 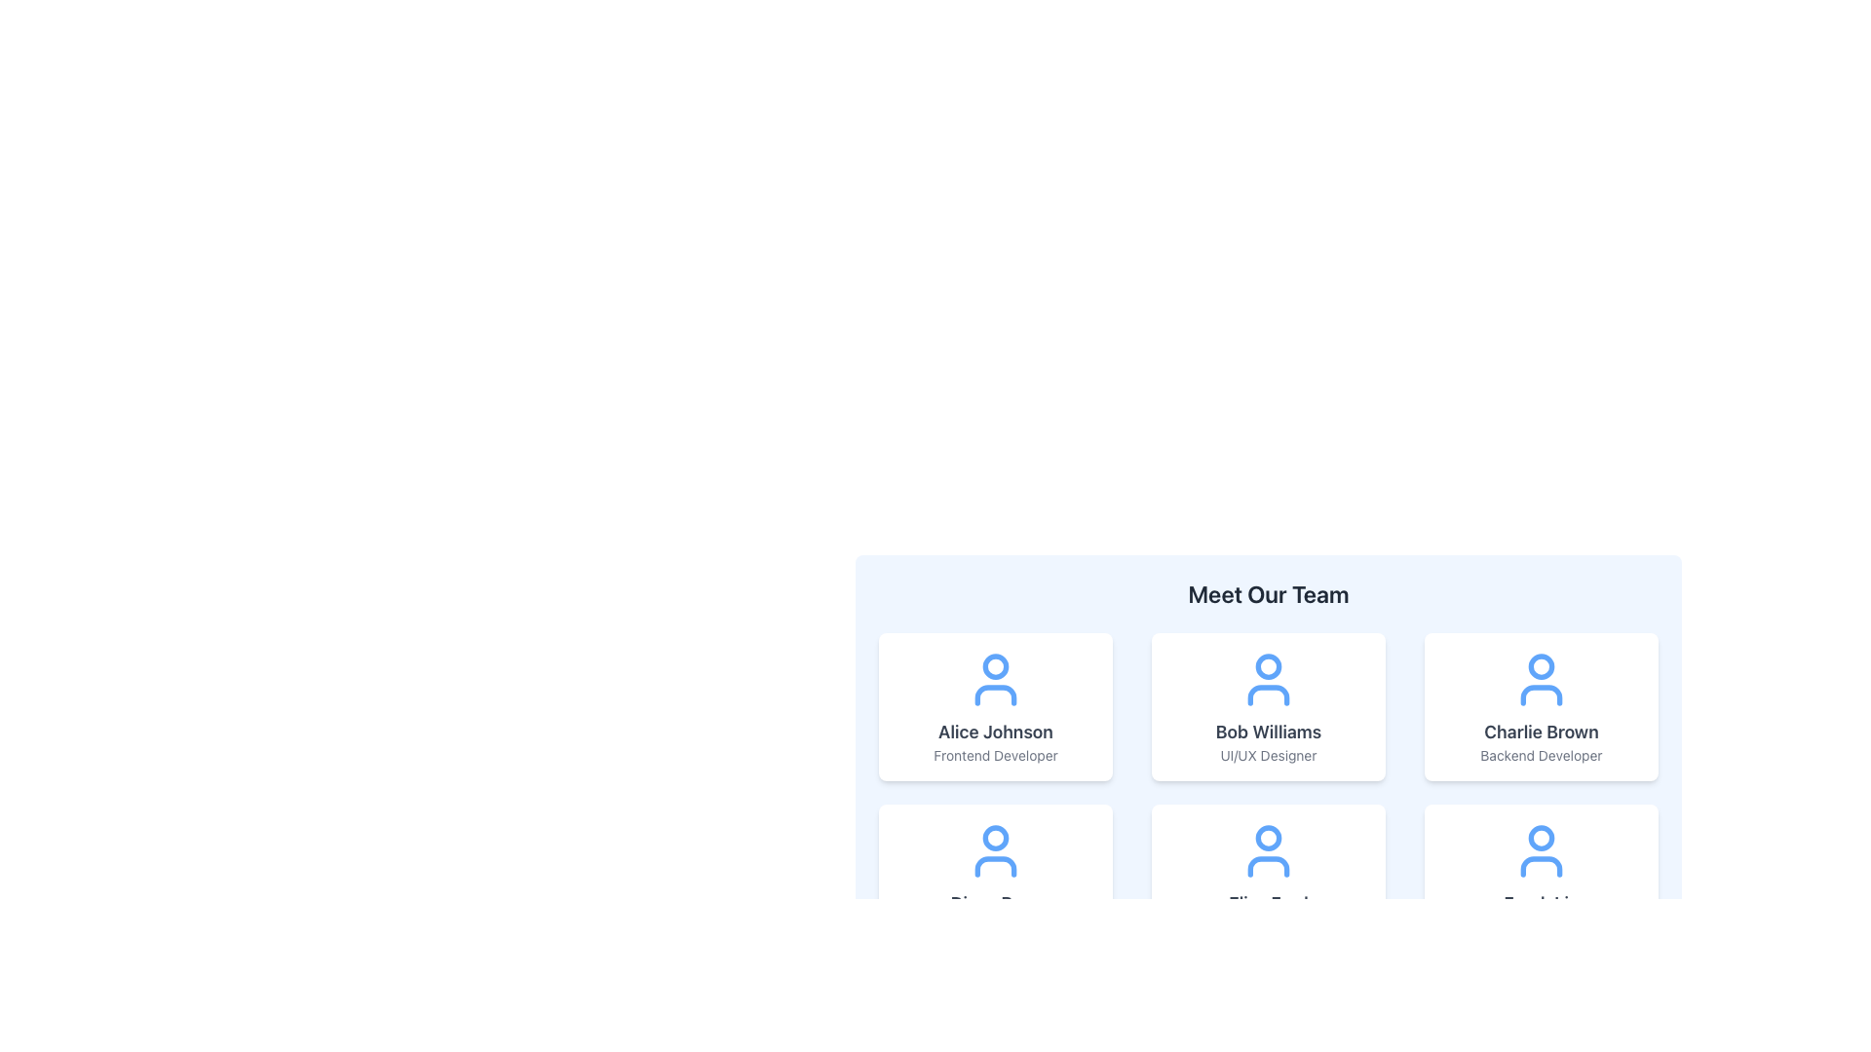 What do you see at coordinates (1268, 866) in the screenshot?
I see `the lower section of the stylized human figure represented in the blue SVG icon, specifically the smooth semi-circular shape that forms the torso's bottom curve` at bounding box center [1268, 866].